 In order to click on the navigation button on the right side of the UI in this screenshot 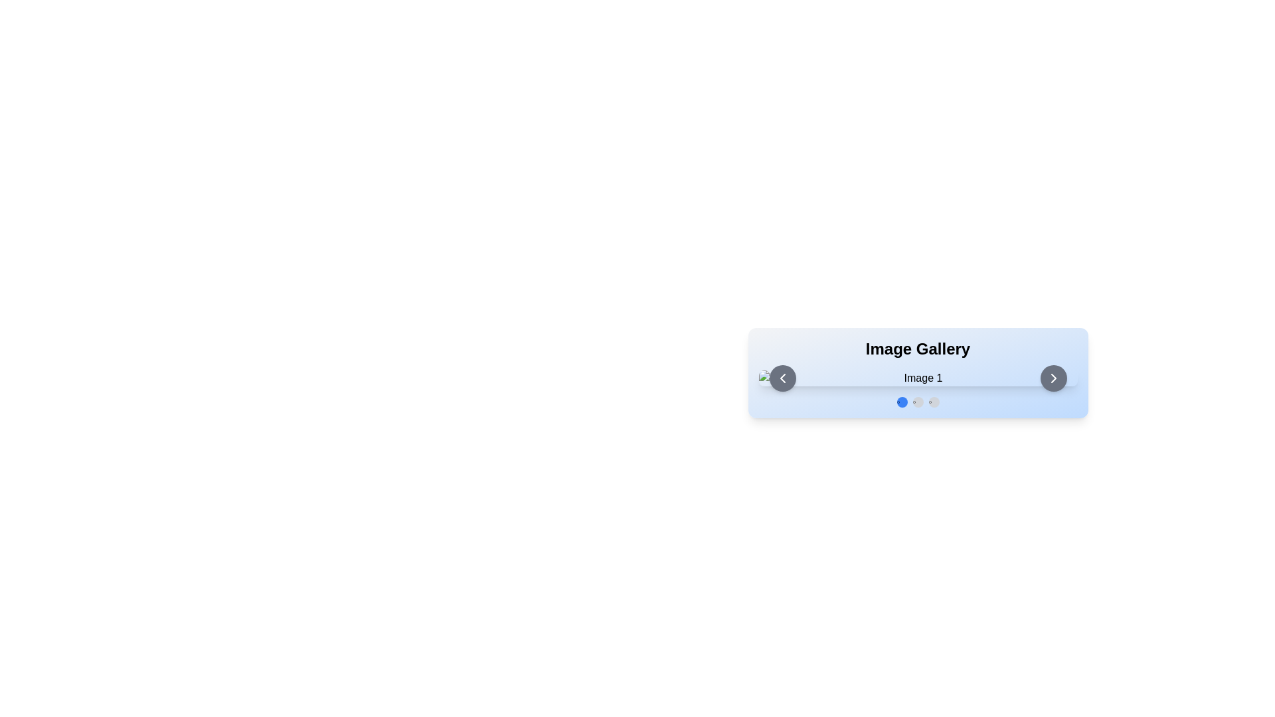, I will do `click(1053, 378)`.